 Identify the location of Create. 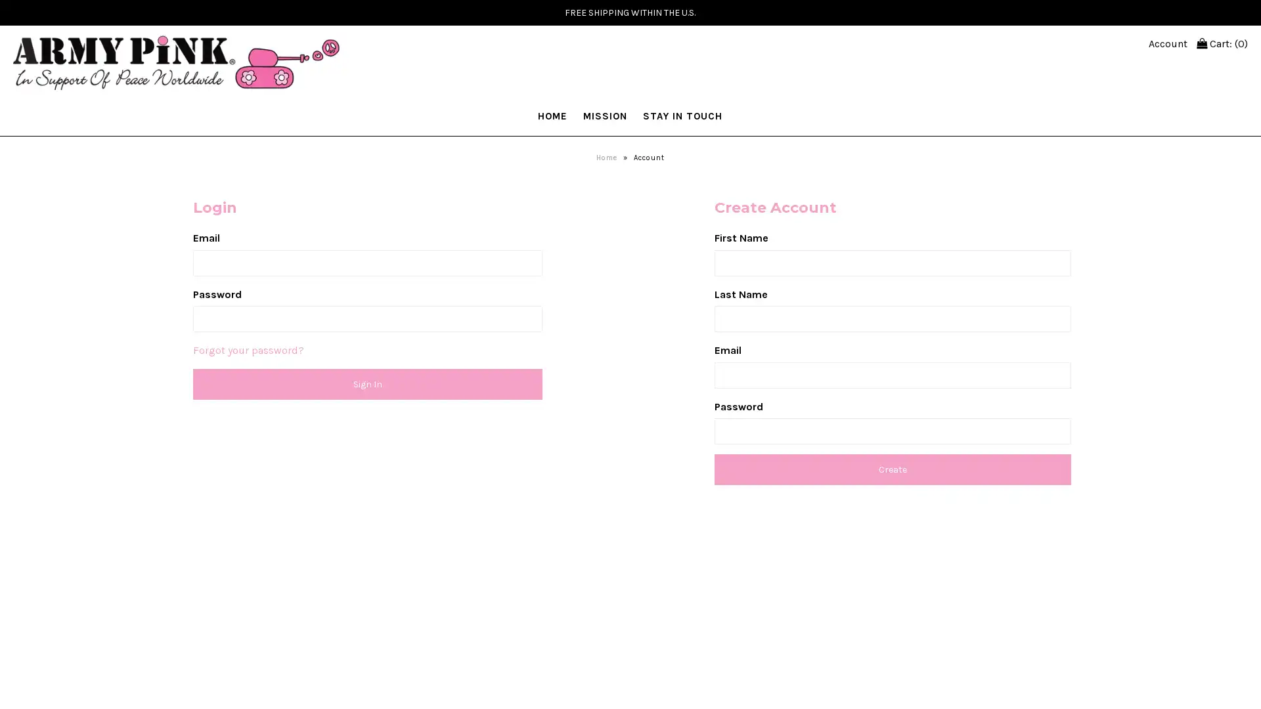
(893, 469).